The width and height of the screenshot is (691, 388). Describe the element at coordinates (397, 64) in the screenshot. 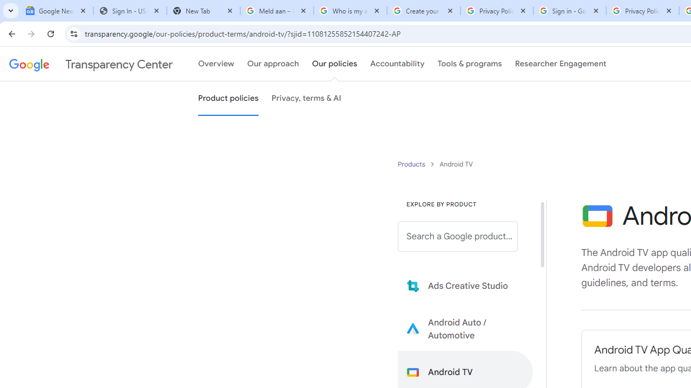

I see `'Accountability'` at that location.